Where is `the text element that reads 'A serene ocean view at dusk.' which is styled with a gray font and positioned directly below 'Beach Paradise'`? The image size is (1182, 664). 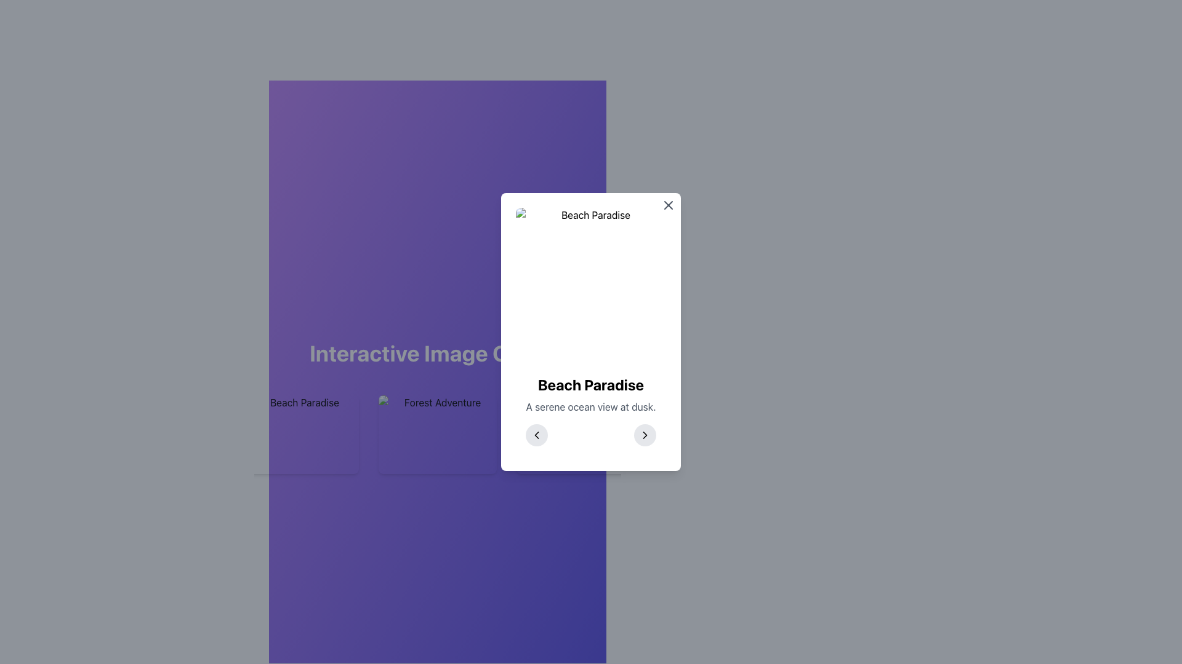 the text element that reads 'A serene ocean view at dusk.' which is styled with a gray font and positioned directly below 'Beach Paradise' is located at coordinates (591, 407).